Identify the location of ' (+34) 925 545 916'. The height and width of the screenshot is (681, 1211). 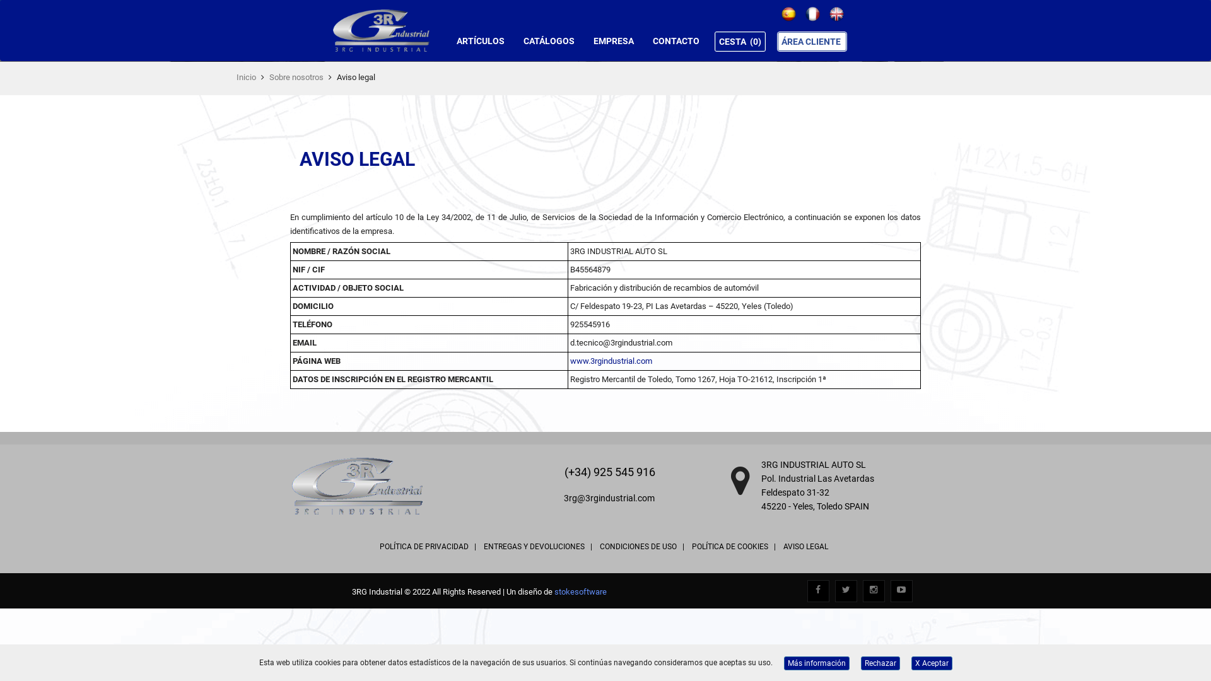
(561, 472).